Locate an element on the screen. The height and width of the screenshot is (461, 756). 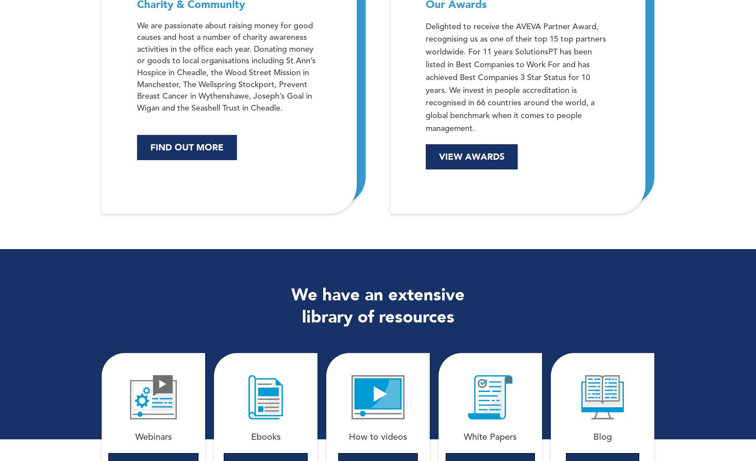
'White Papers' is located at coordinates (489, 437).